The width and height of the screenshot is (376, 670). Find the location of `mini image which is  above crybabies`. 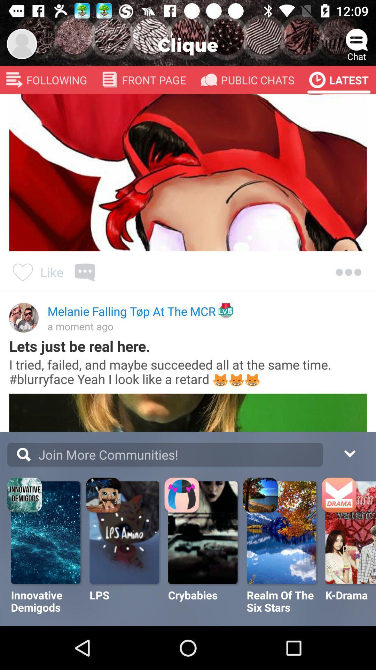

mini image which is  above crybabies is located at coordinates (182, 496).